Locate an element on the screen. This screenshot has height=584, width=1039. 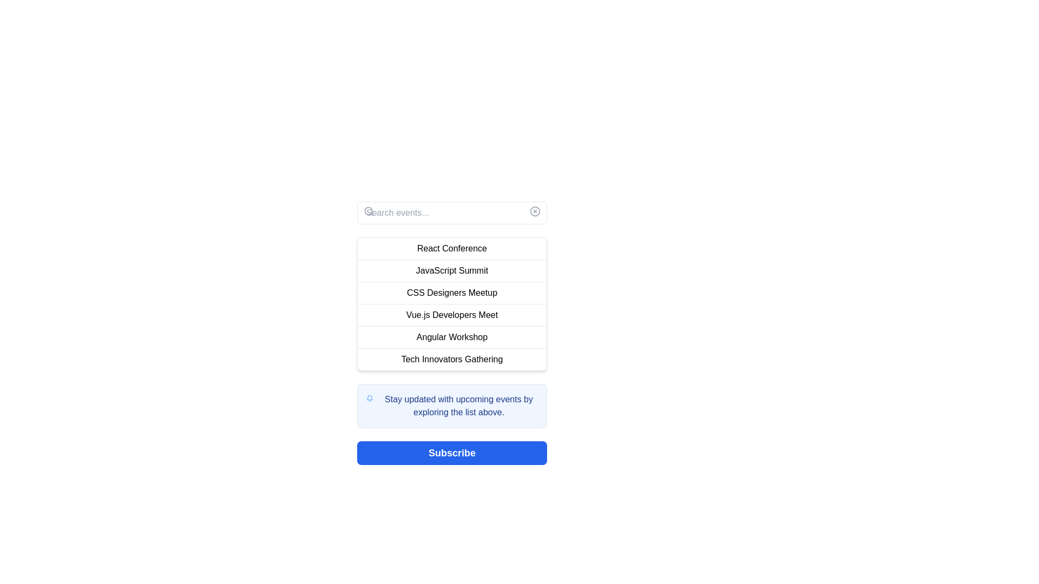
to select the third item in a vertical list of six items, located below 'JavaScript Summit' and above 'Vue.js Developers Meet' is located at coordinates (452, 293).